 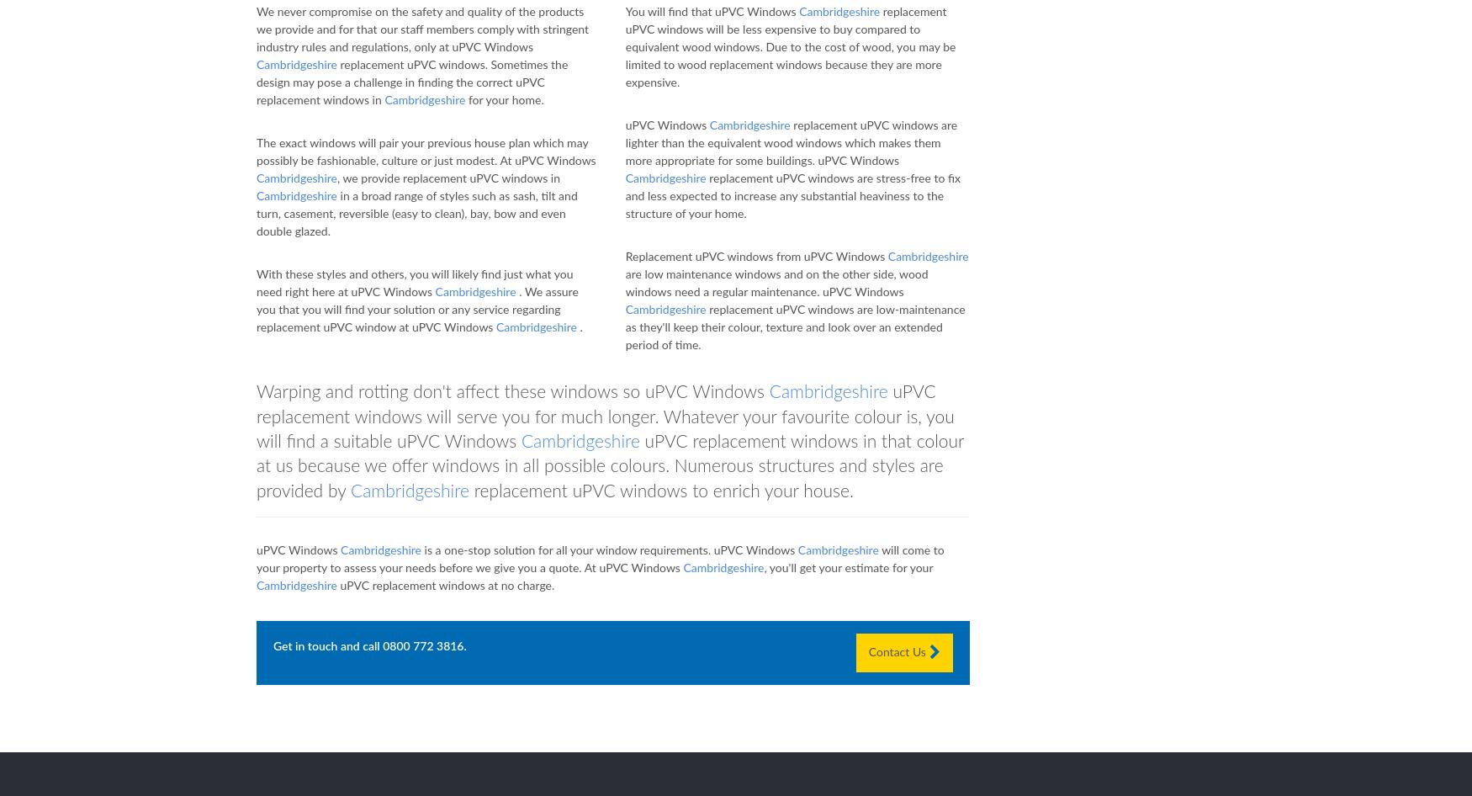 I want to click on '0800 772 3816', so click(x=421, y=646).